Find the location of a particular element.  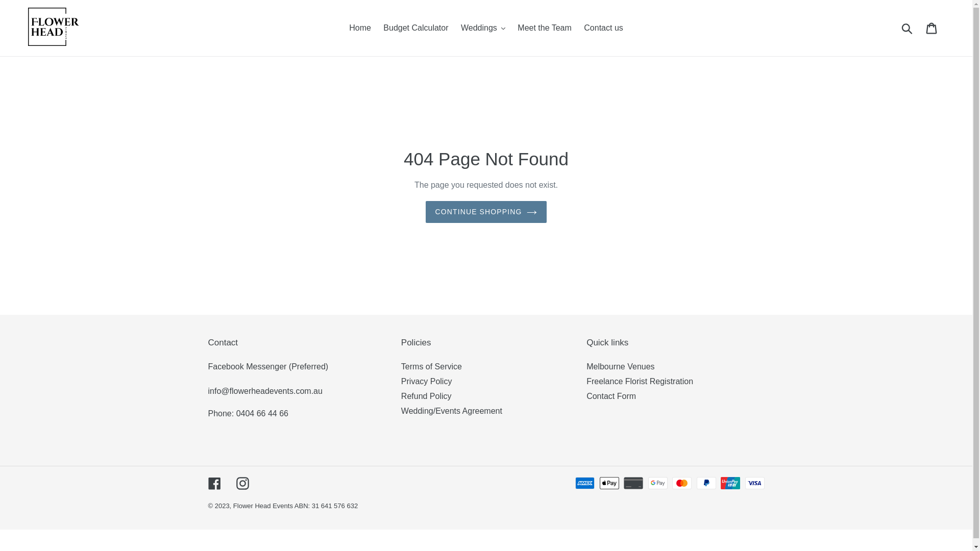

'Submit' is located at coordinates (908, 27).